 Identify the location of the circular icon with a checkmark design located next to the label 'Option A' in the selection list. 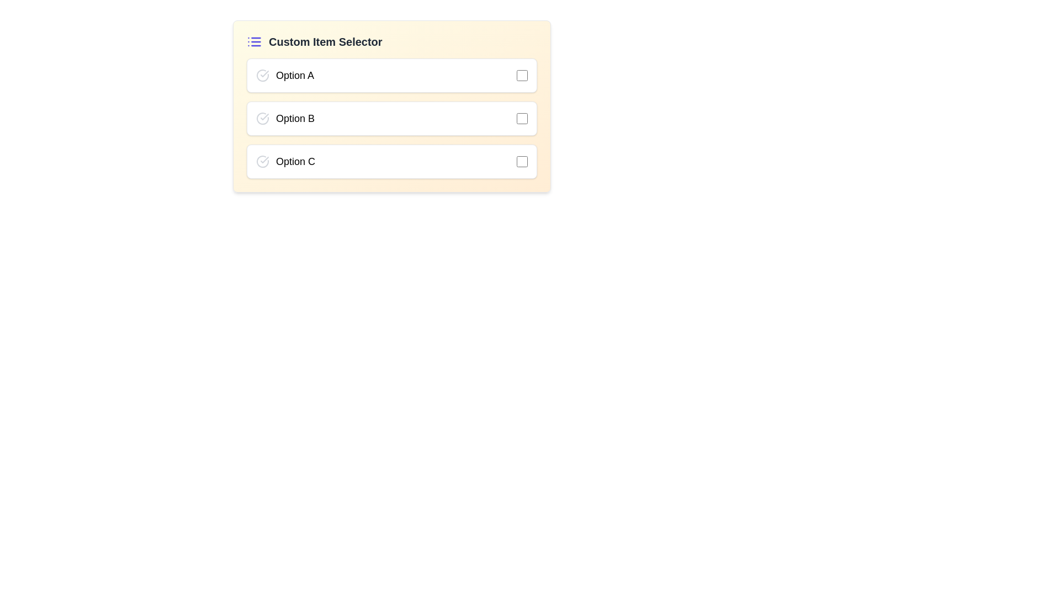
(262, 75).